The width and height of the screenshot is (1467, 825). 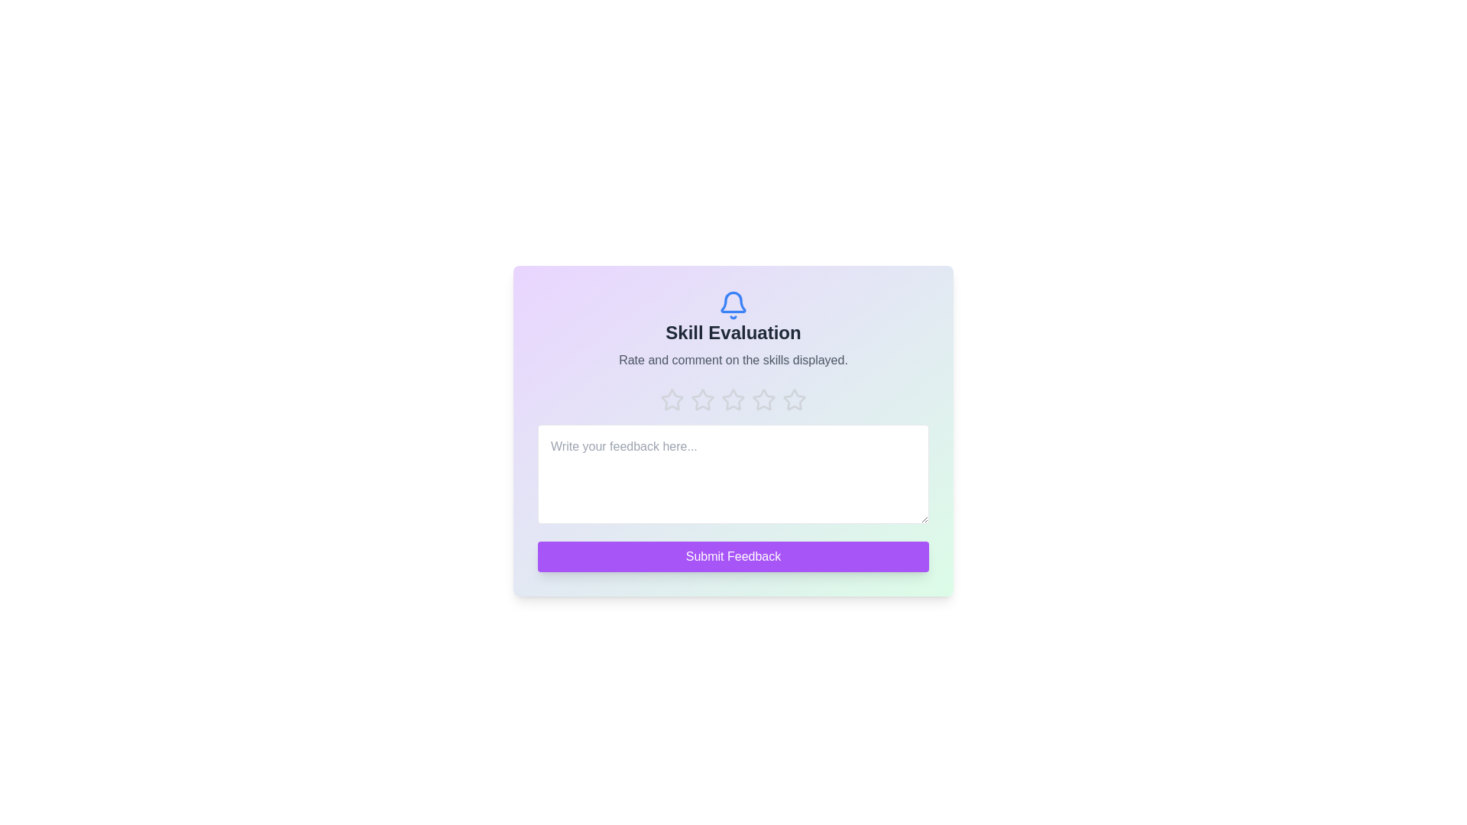 I want to click on the star corresponding to the rating 3, so click(x=733, y=400).